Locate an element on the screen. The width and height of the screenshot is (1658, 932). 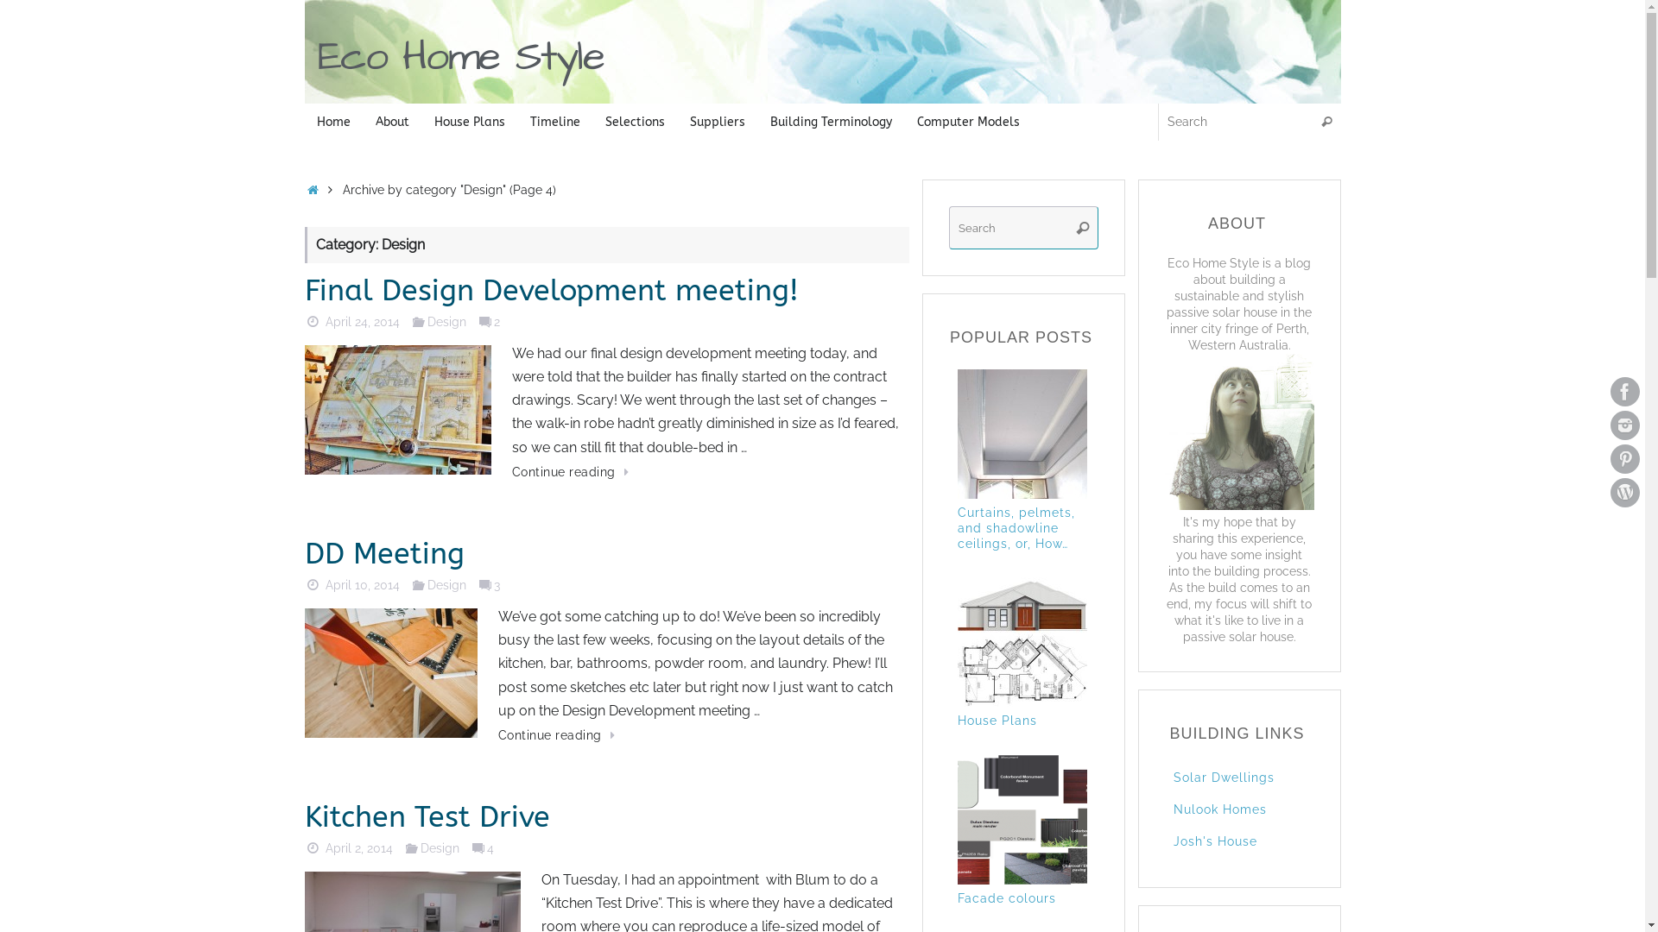
'Facebook' is located at coordinates (1623, 392).